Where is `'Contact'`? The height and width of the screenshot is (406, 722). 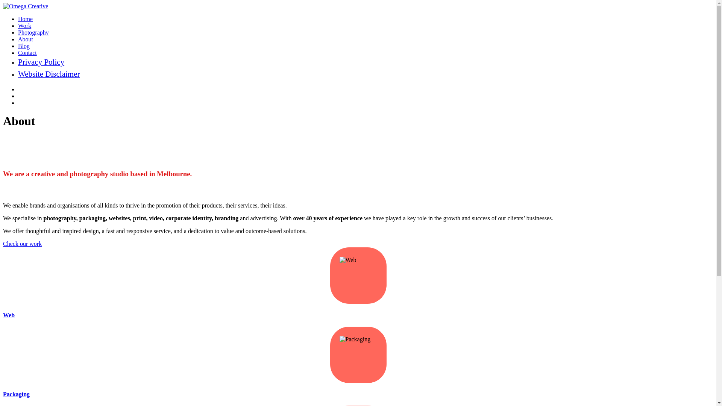
'Contact' is located at coordinates (18, 52).